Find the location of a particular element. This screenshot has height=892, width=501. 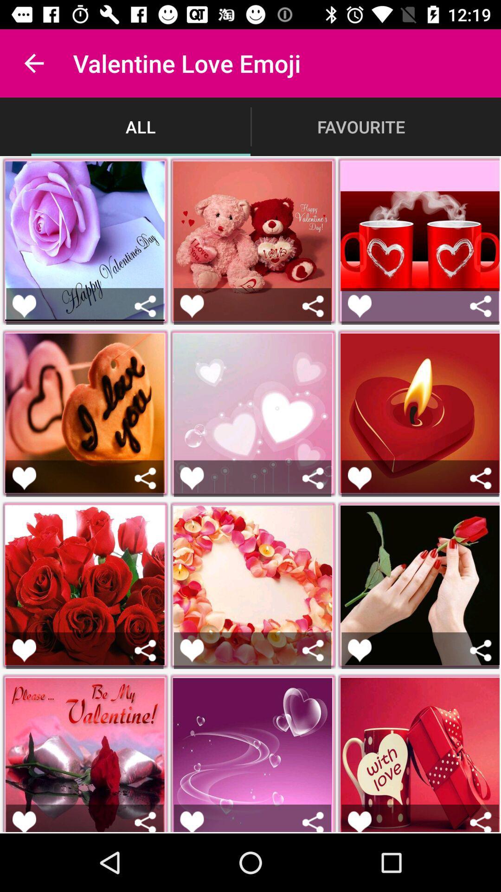

option is located at coordinates (359, 306).